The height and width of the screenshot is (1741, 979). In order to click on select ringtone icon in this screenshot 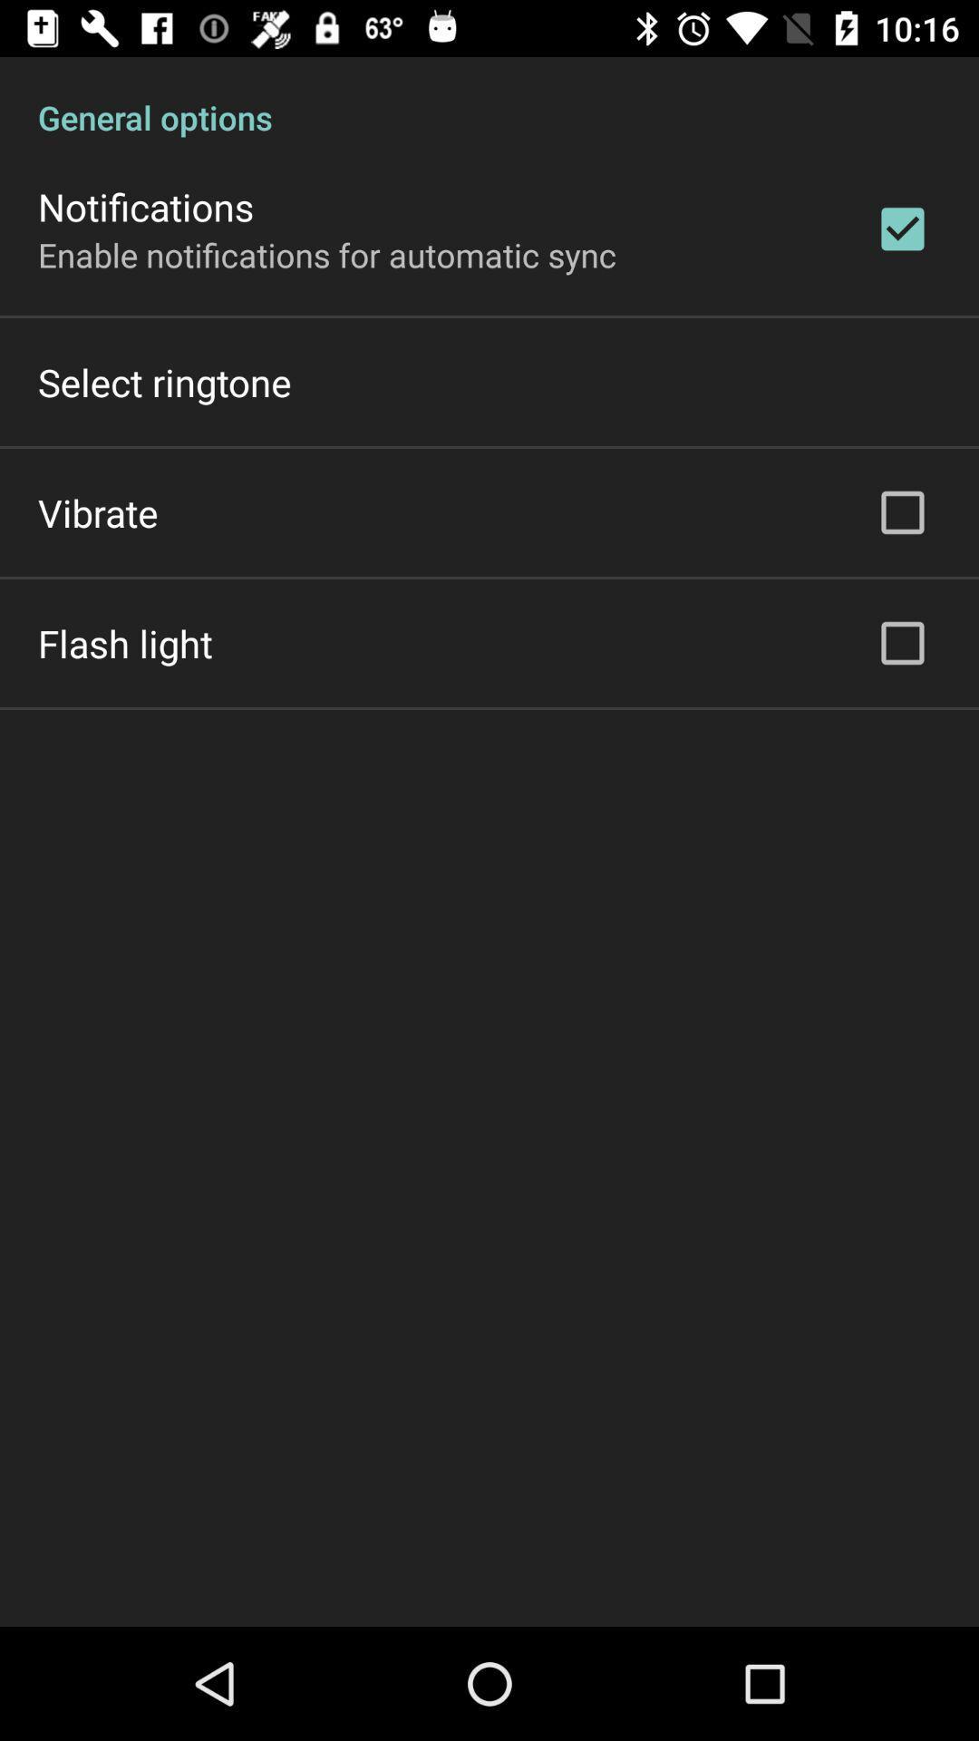, I will do `click(164, 381)`.